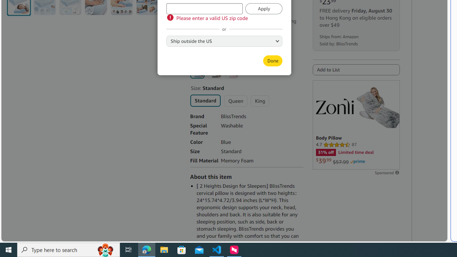  What do you see at coordinates (356, 124) in the screenshot?
I see `'Sponsored ad'` at bounding box center [356, 124].